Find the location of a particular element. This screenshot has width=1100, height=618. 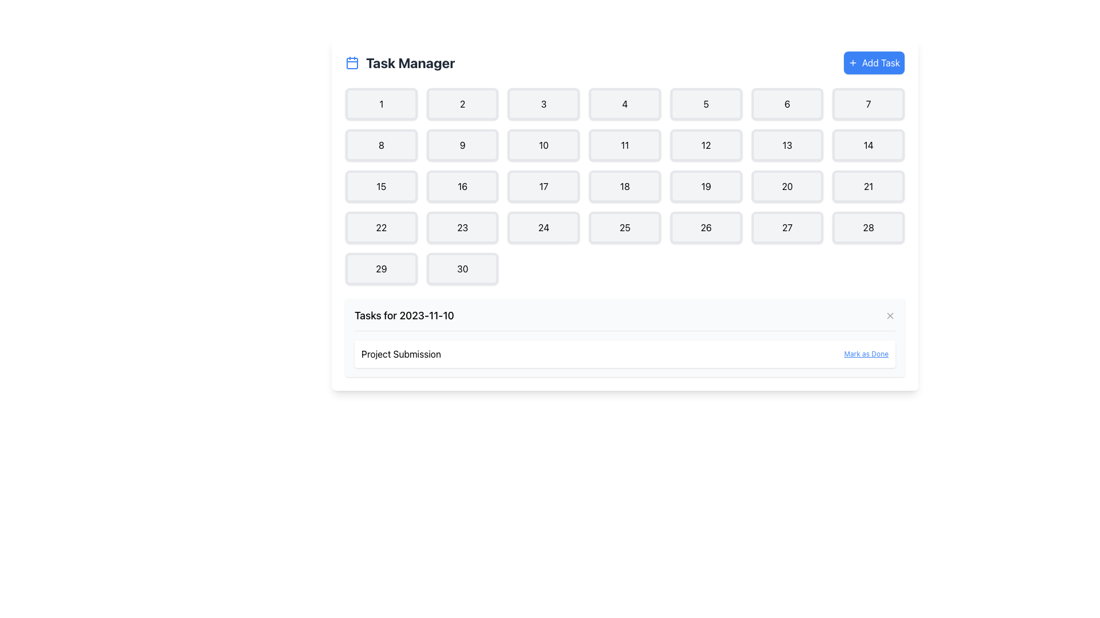

the button labeled '1' with a light gray background and rounded corners is located at coordinates (381, 104).